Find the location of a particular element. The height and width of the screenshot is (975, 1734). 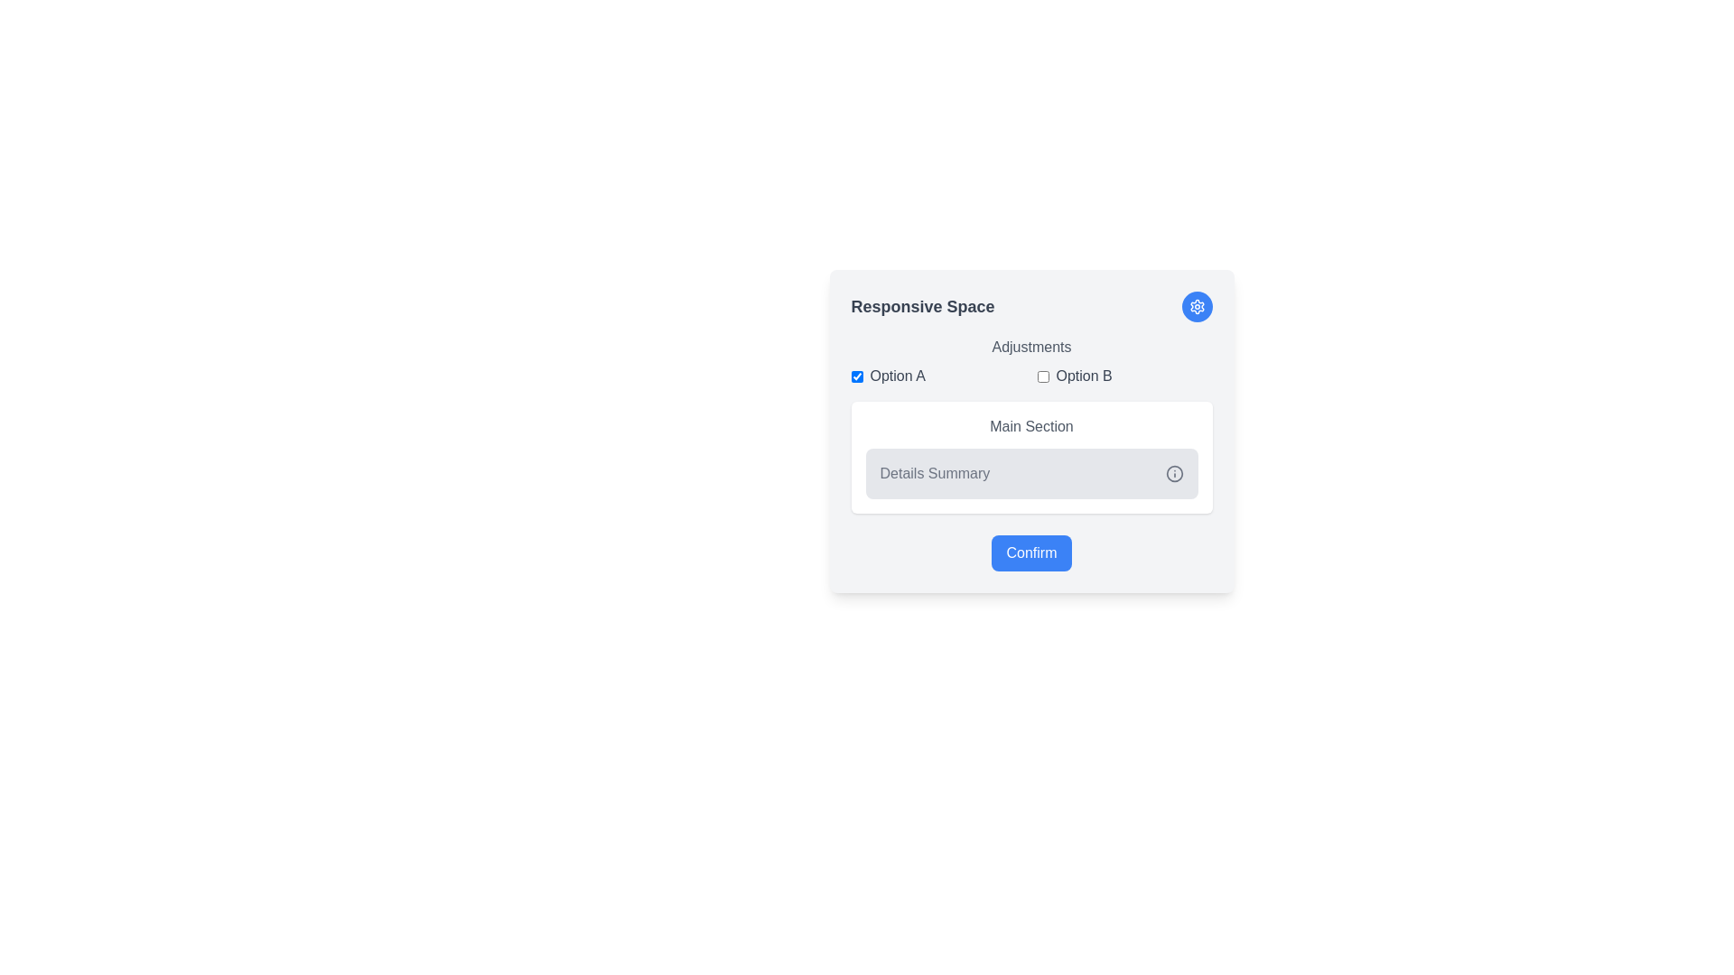

the cogwheel SVG icon located at the top-right corner of the modal window is located at coordinates (1197, 305).